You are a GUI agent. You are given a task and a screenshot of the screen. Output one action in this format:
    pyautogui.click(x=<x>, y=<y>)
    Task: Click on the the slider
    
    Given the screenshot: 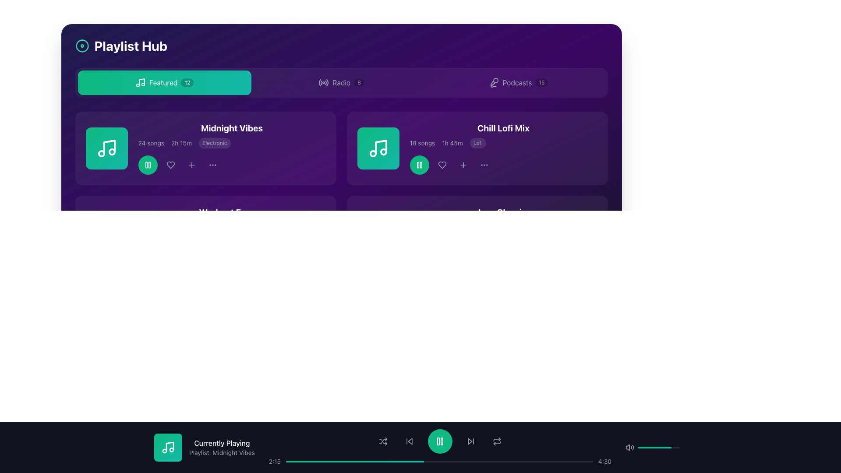 What is the action you would take?
    pyautogui.click(x=647, y=448)
    